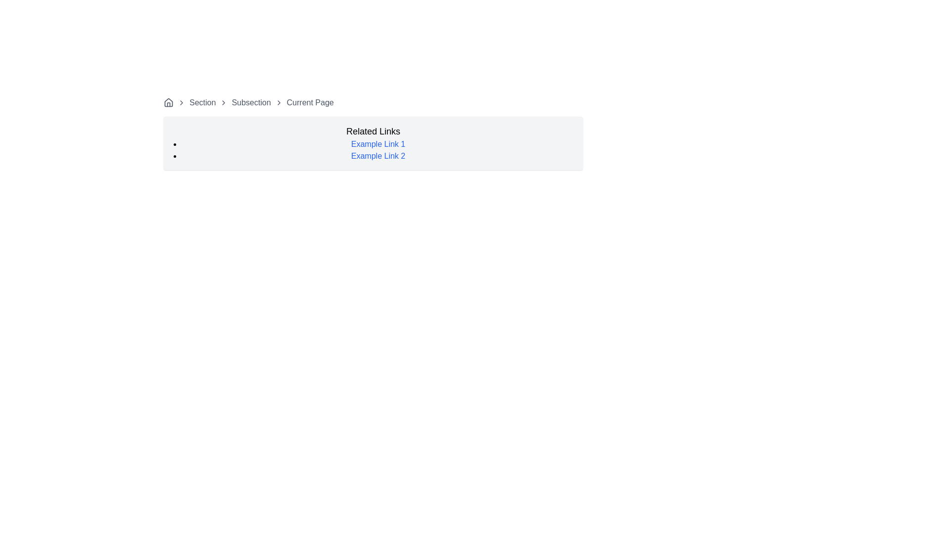 The width and height of the screenshot is (950, 534). What do you see at coordinates (202, 103) in the screenshot?
I see `the text label displaying 'Section'` at bounding box center [202, 103].